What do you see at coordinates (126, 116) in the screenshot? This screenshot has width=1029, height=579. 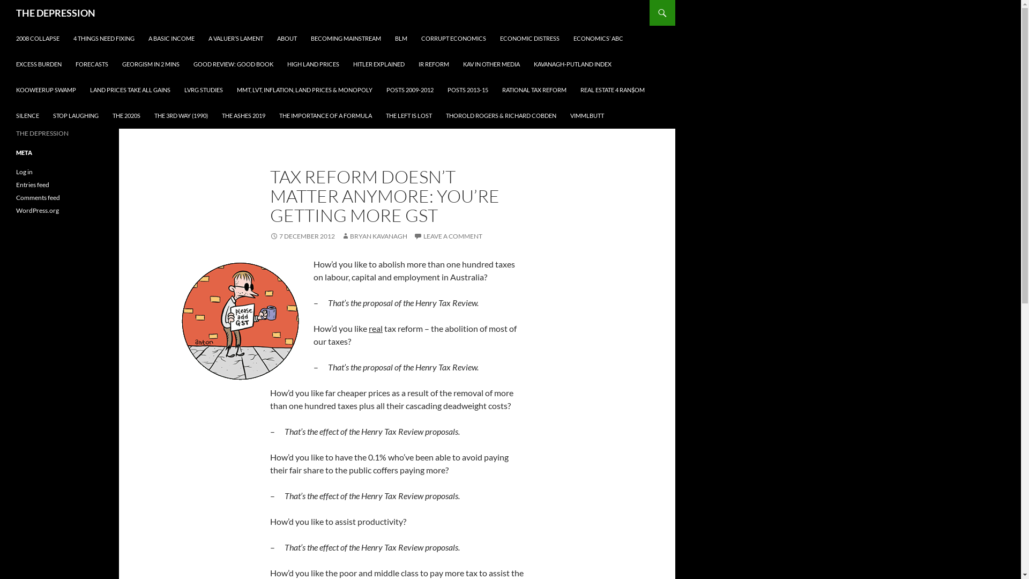 I see `'THE 2020S'` at bounding box center [126, 116].